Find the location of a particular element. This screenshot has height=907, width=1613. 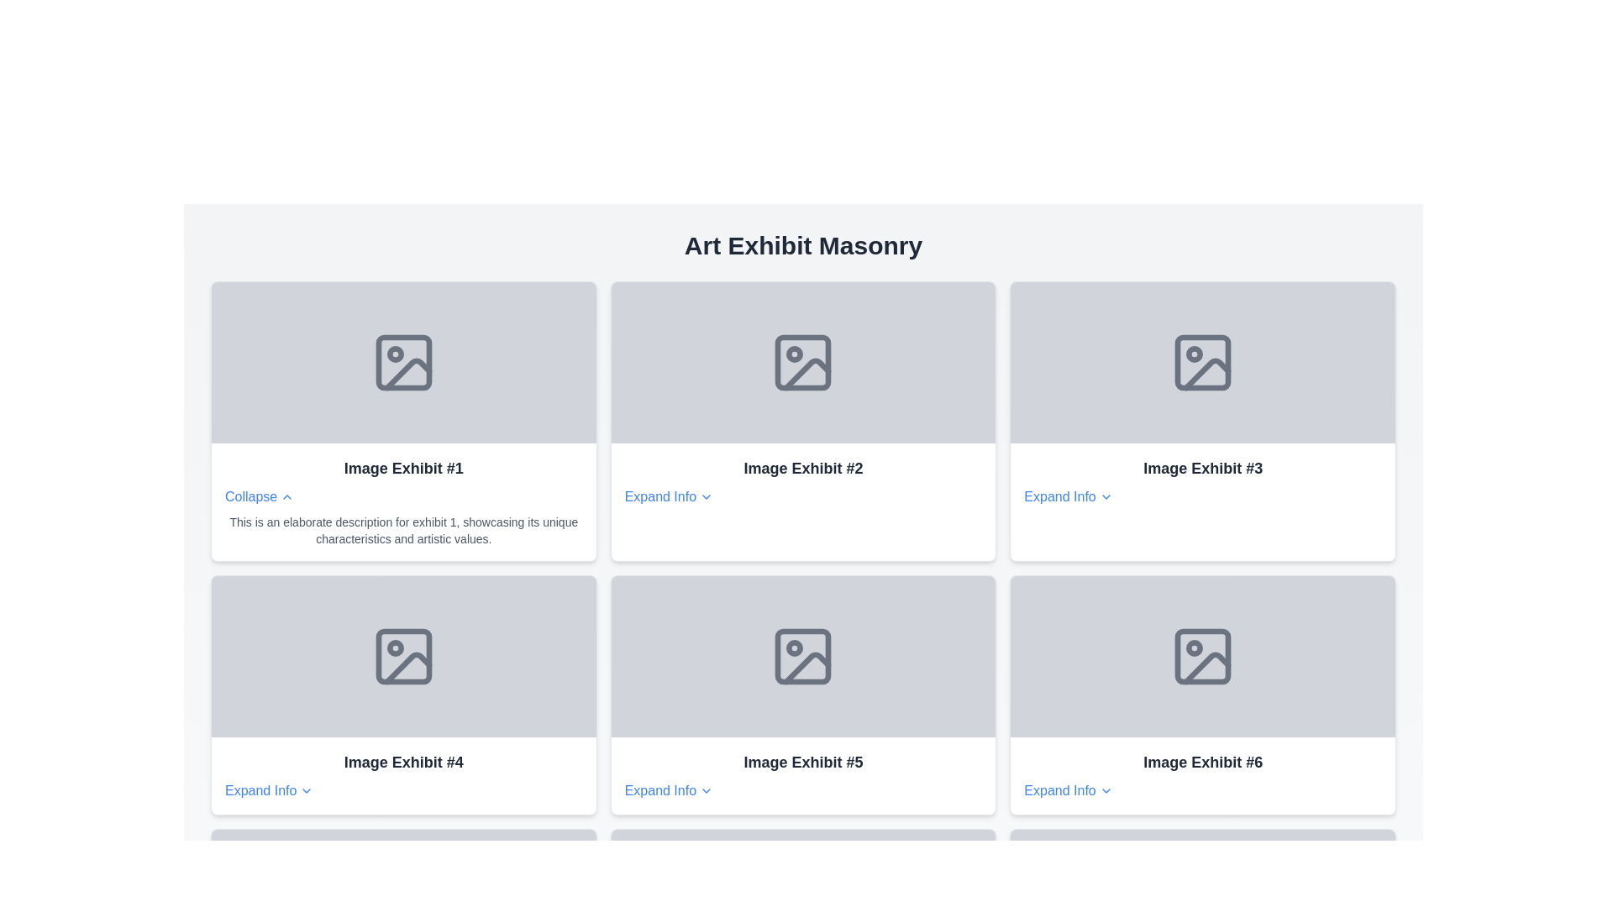

the composite UI element containing a heading text and a hyperlink is located at coordinates (802, 482).